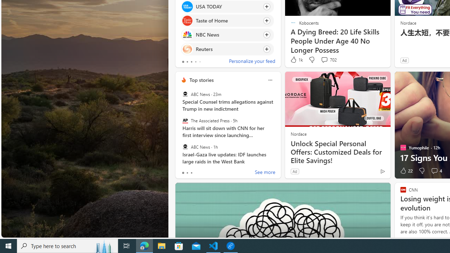 This screenshot has height=253, width=450. I want to click on 'Personalize your feed', so click(252, 61).